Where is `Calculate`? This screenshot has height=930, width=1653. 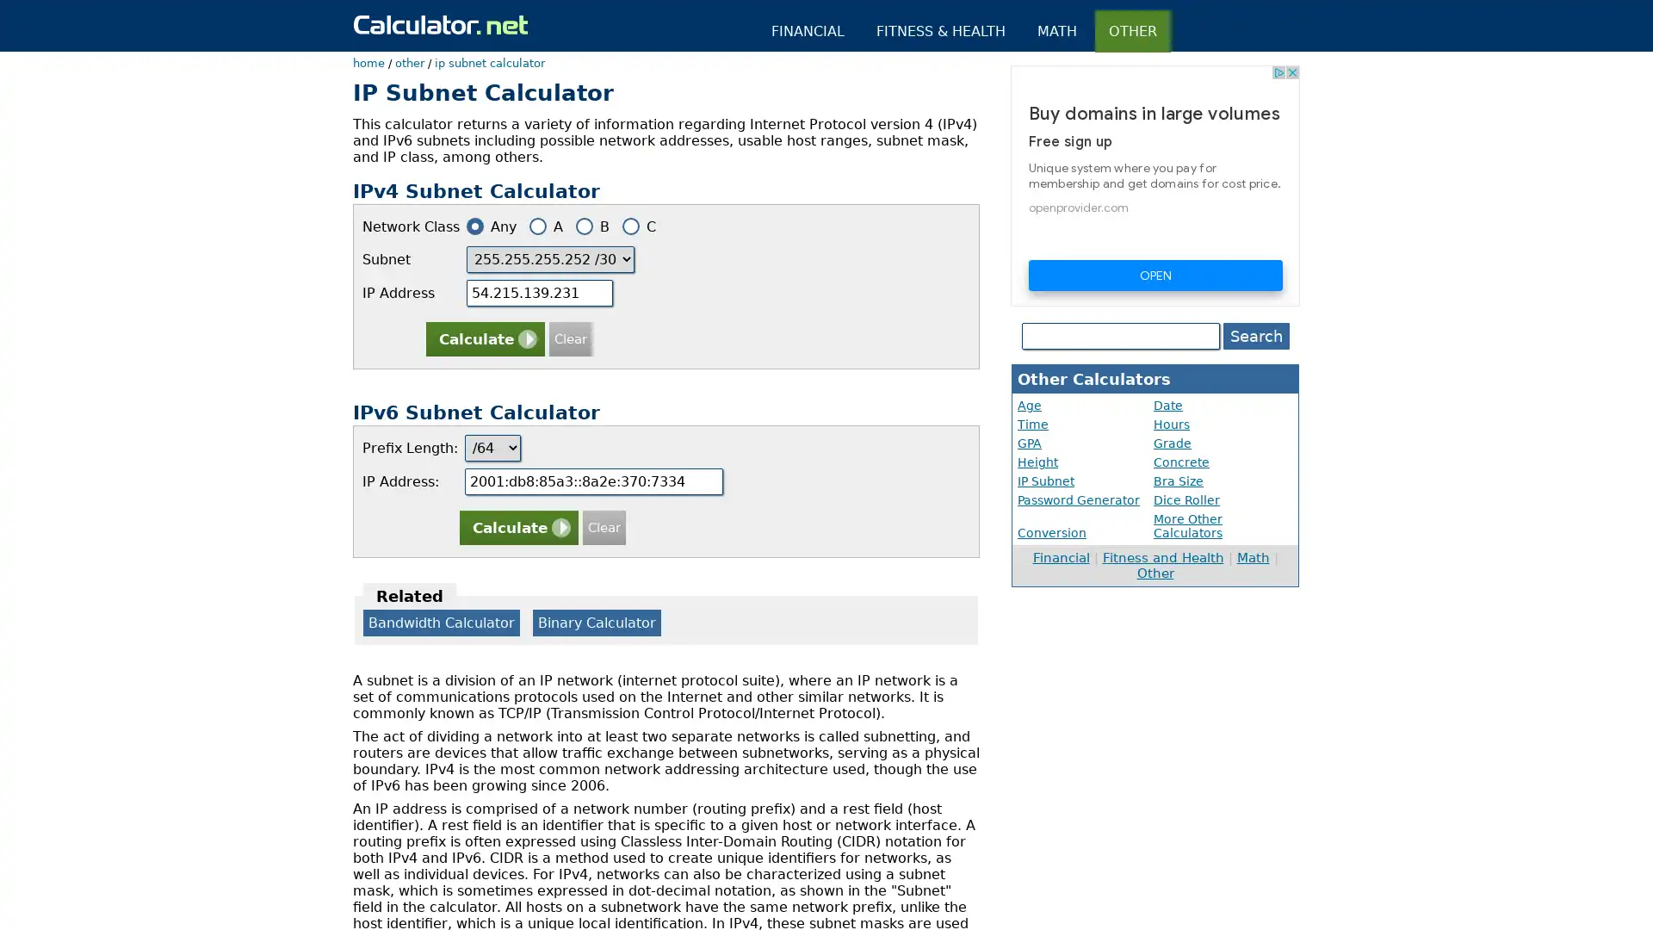 Calculate is located at coordinates (485, 338).